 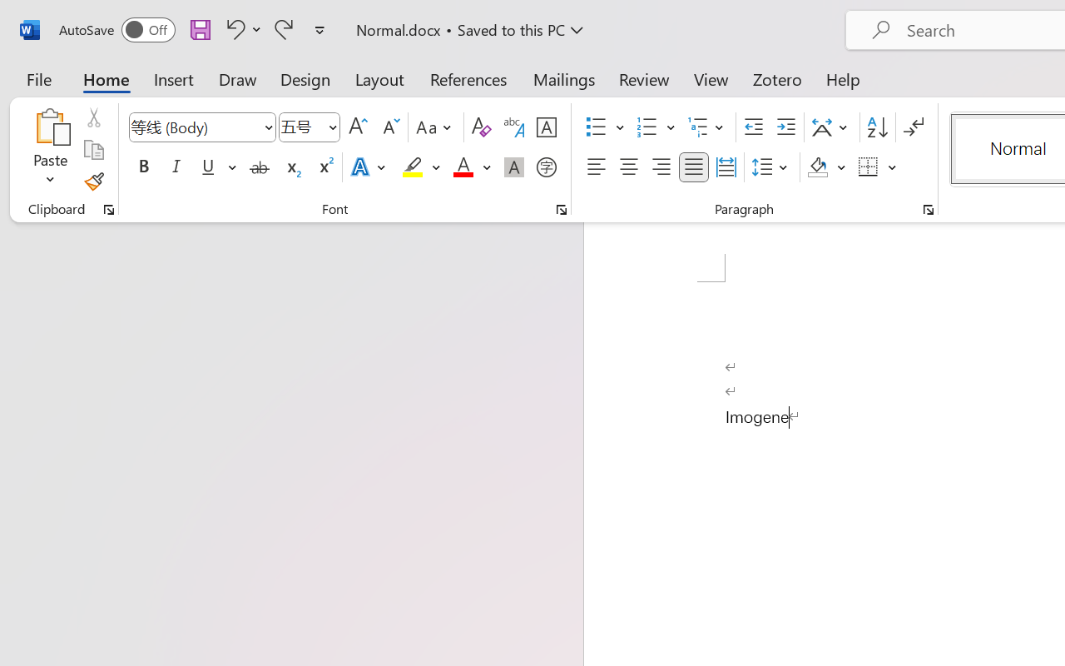 I want to click on 'Distributed', so click(x=726, y=167).